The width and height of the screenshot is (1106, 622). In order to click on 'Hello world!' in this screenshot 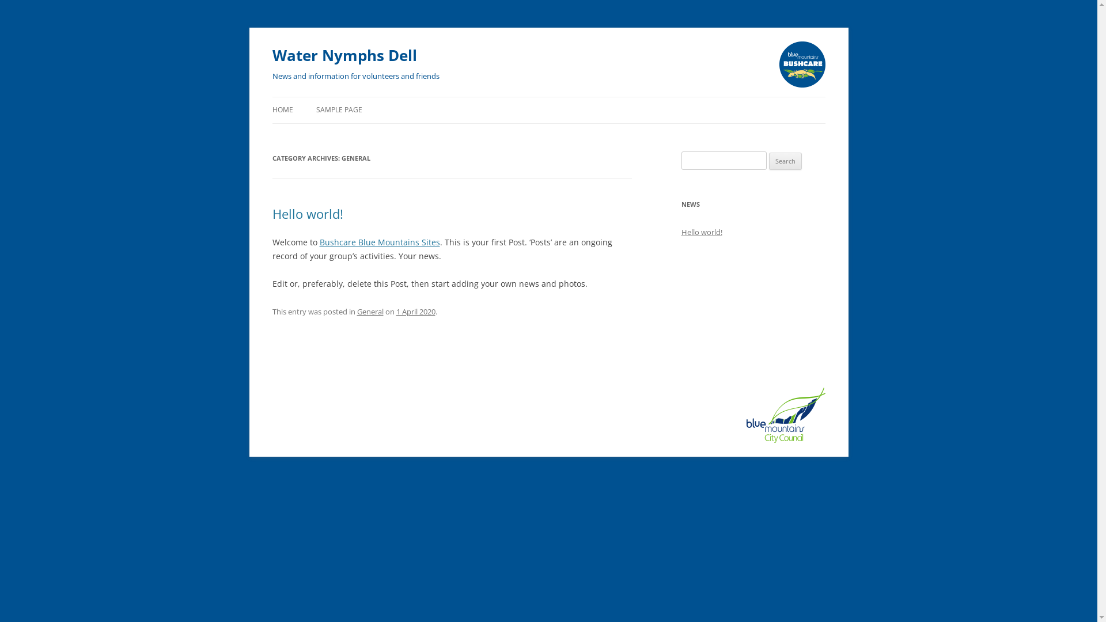, I will do `click(307, 213)`.